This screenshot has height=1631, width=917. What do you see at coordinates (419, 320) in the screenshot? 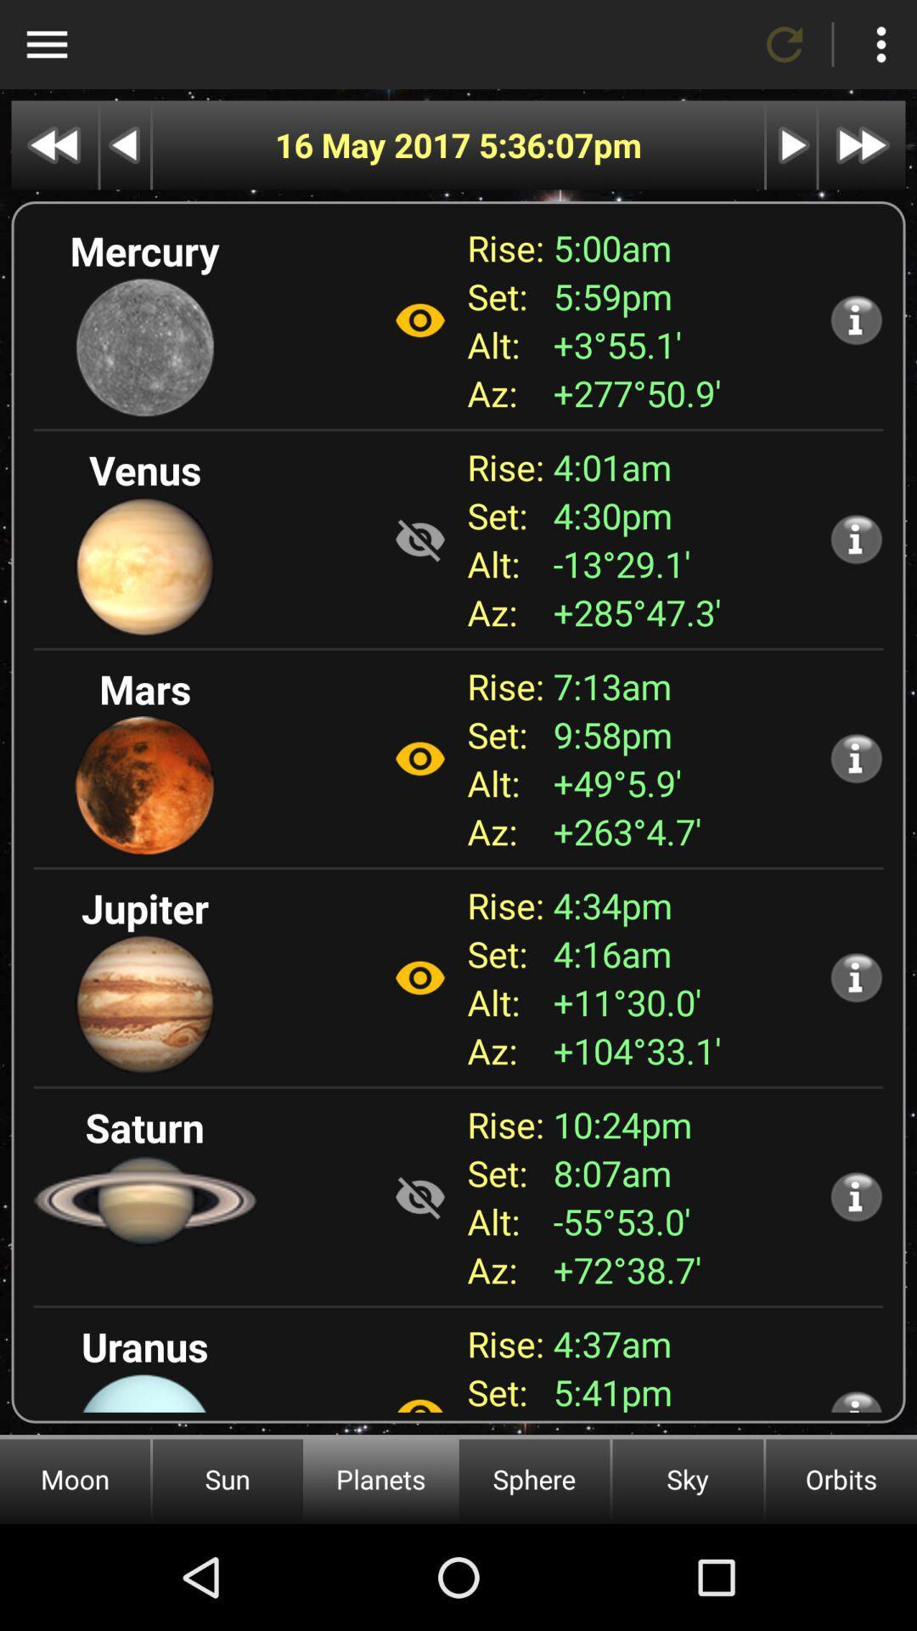
I see `for vision` at bounding box center [419, 320].